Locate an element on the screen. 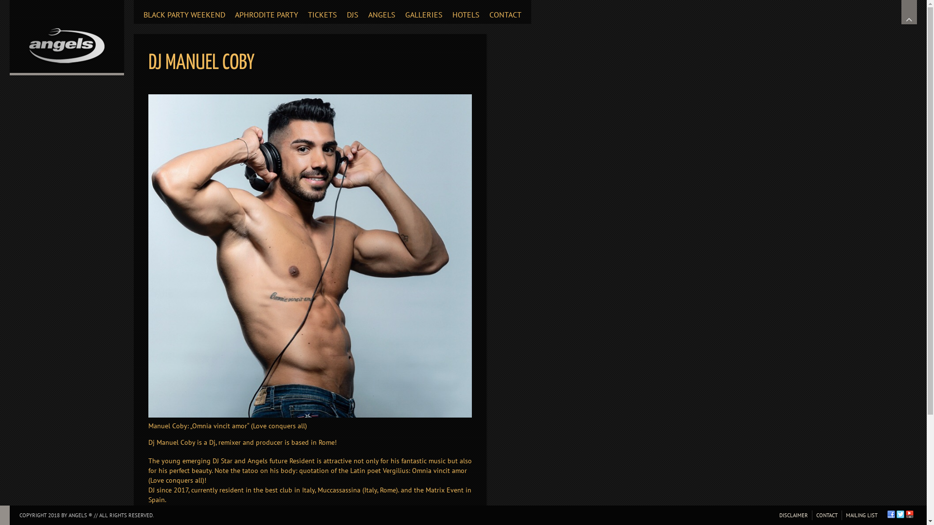  'APHRODITE PARTY' is located at coordinates (266, 12).